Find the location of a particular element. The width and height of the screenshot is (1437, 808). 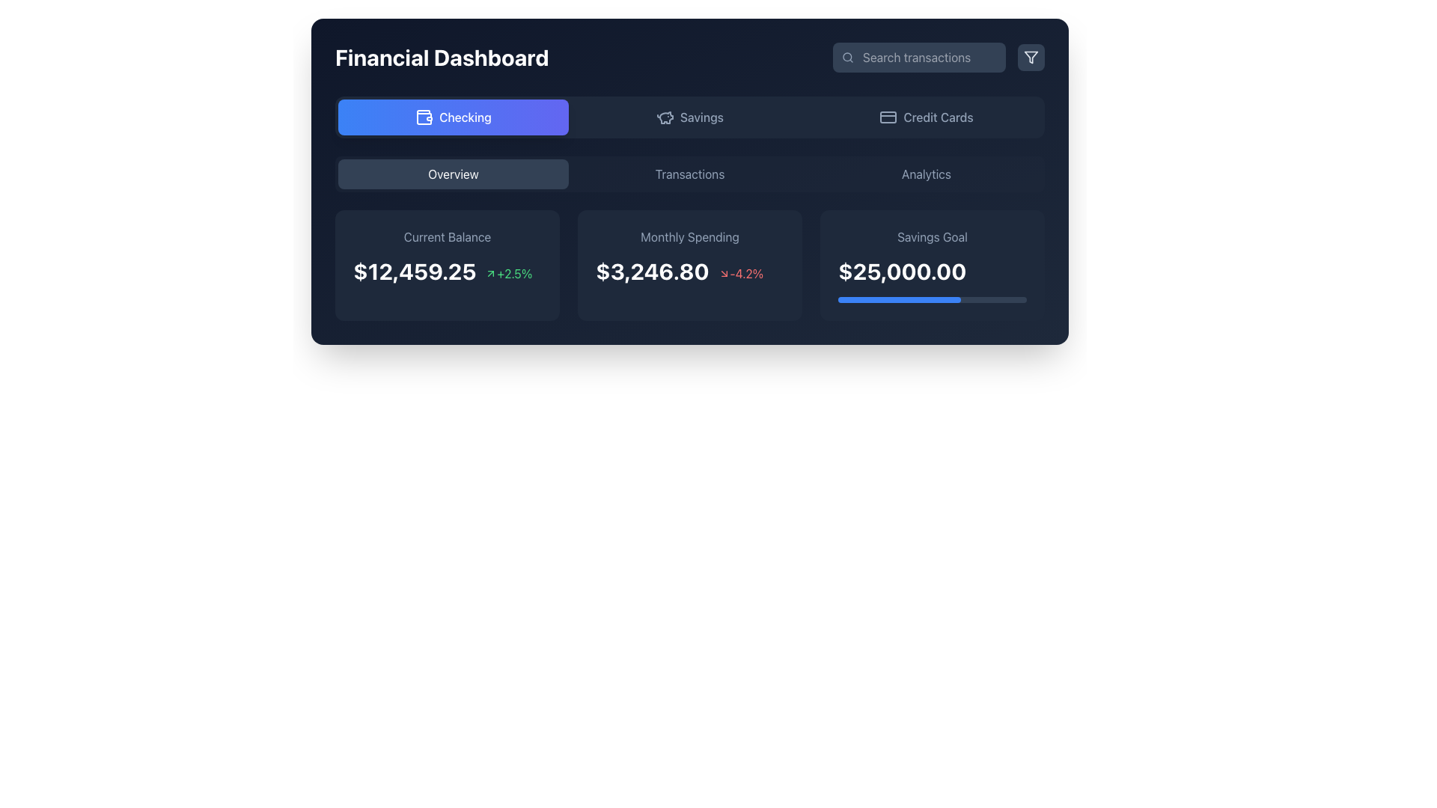

the green arrow icon located immediately to the left of the '+2.5%' text in the 'Current Balance' section is located at coordinates (491, 274).